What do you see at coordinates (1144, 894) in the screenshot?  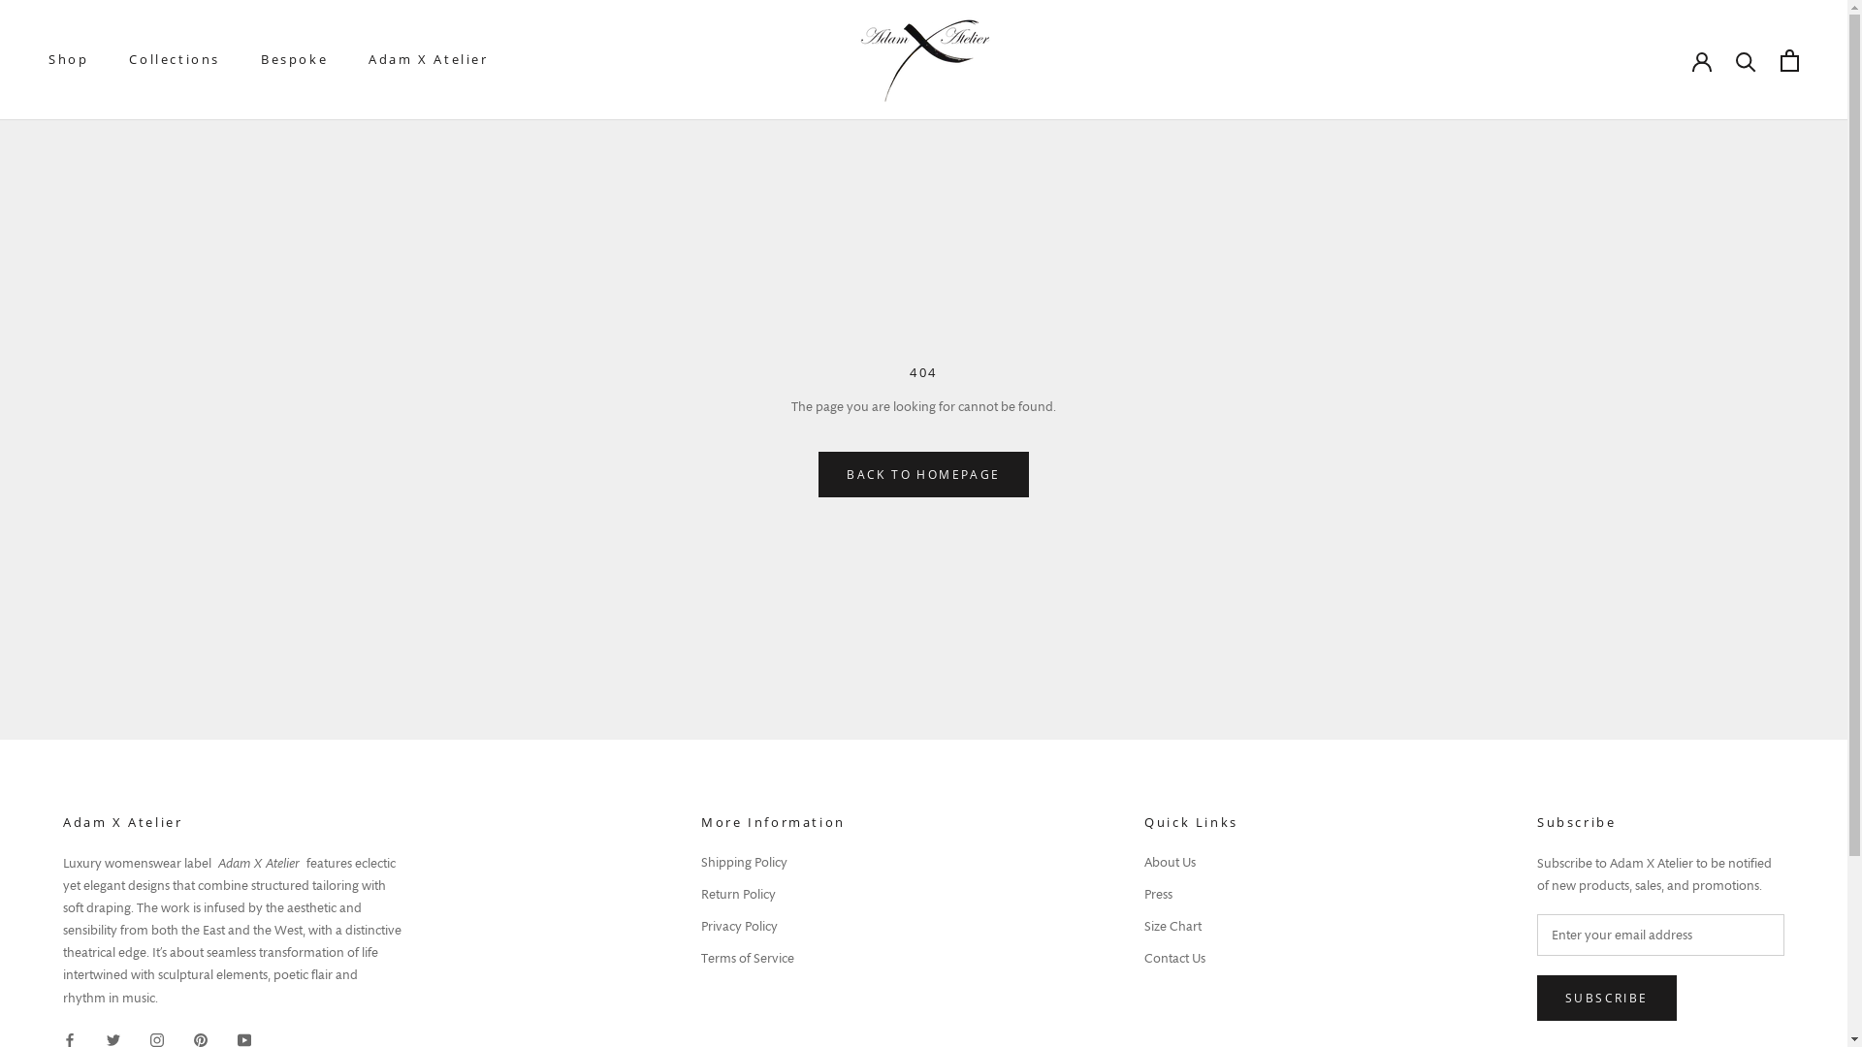 I see `'Press'` at bounding box center [1144, 894].